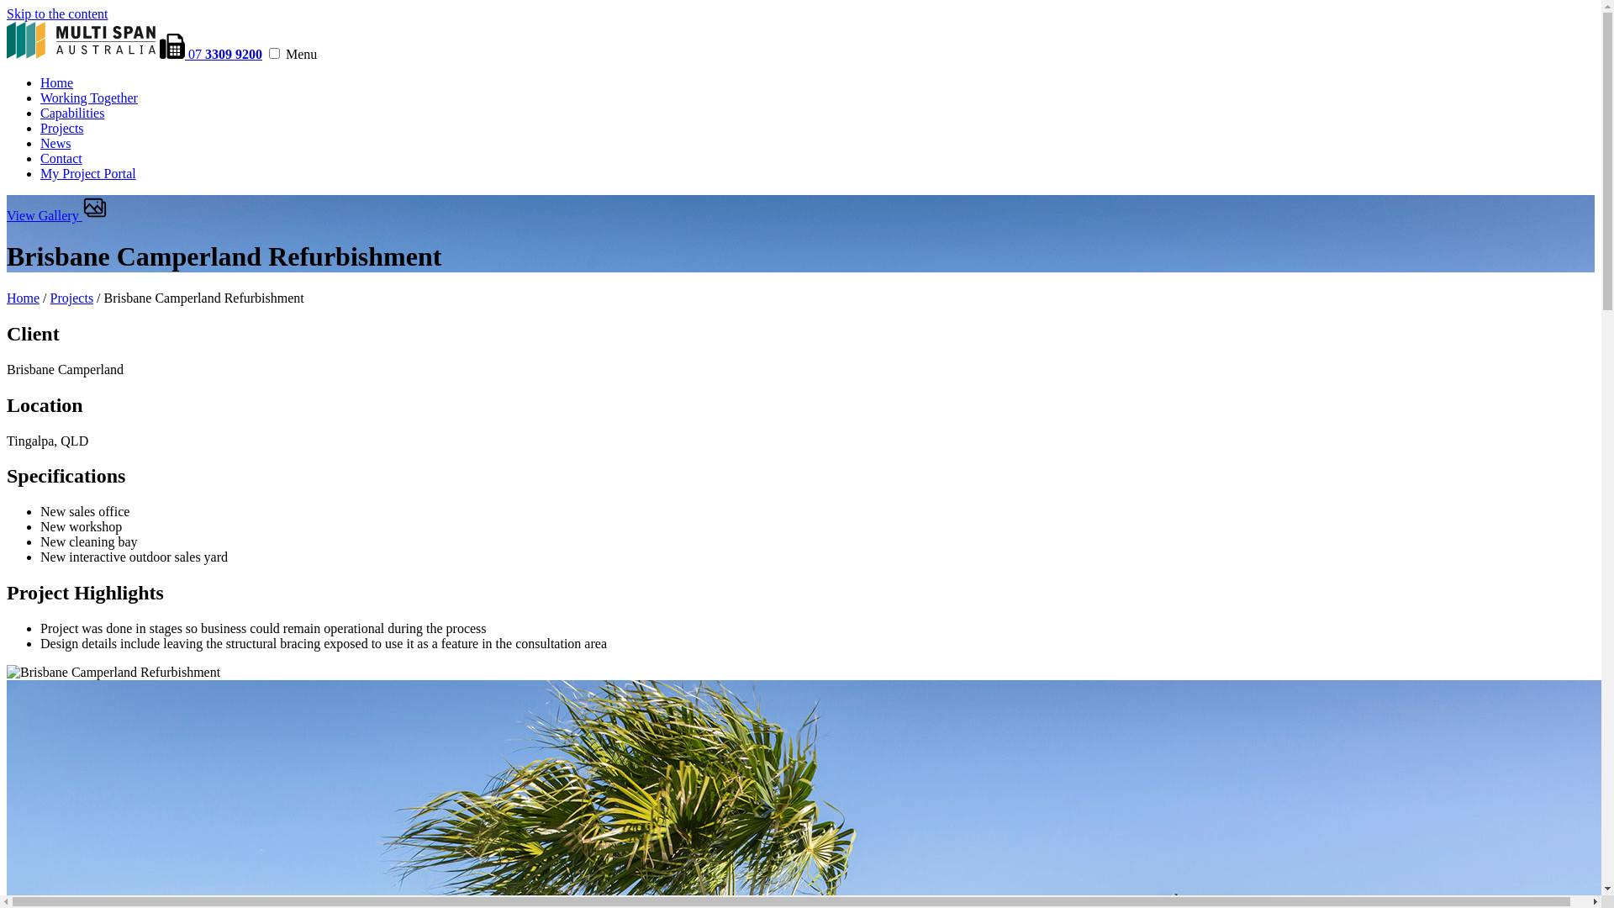 The width and height of the screenshot is (1614, 908). What do you see at coordinates (87, 98) in the screenshot?
I see `'Working Together'` at bounding box center [87, 98].